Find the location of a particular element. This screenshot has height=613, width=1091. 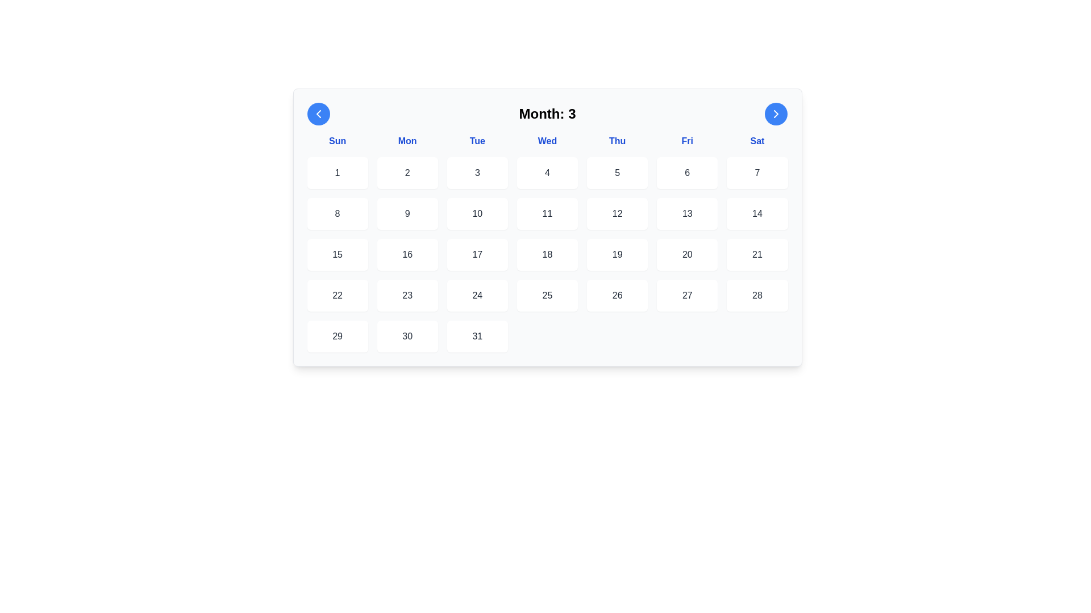

the circular blue button located at the top-right corner of the calendar view is located at coordinates (776, 114).